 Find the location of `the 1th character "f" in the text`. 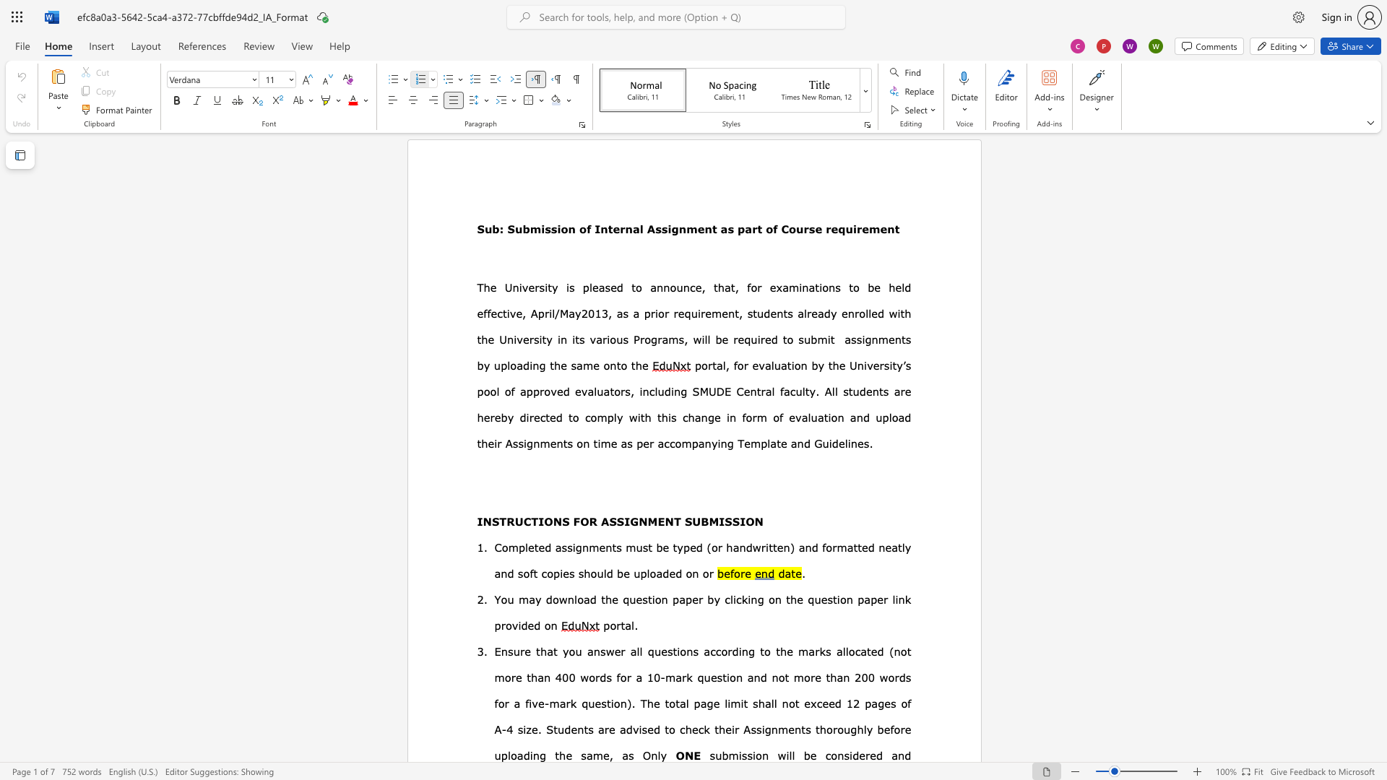

the 1th character "f" in the text is located at coordinates (891, 729).